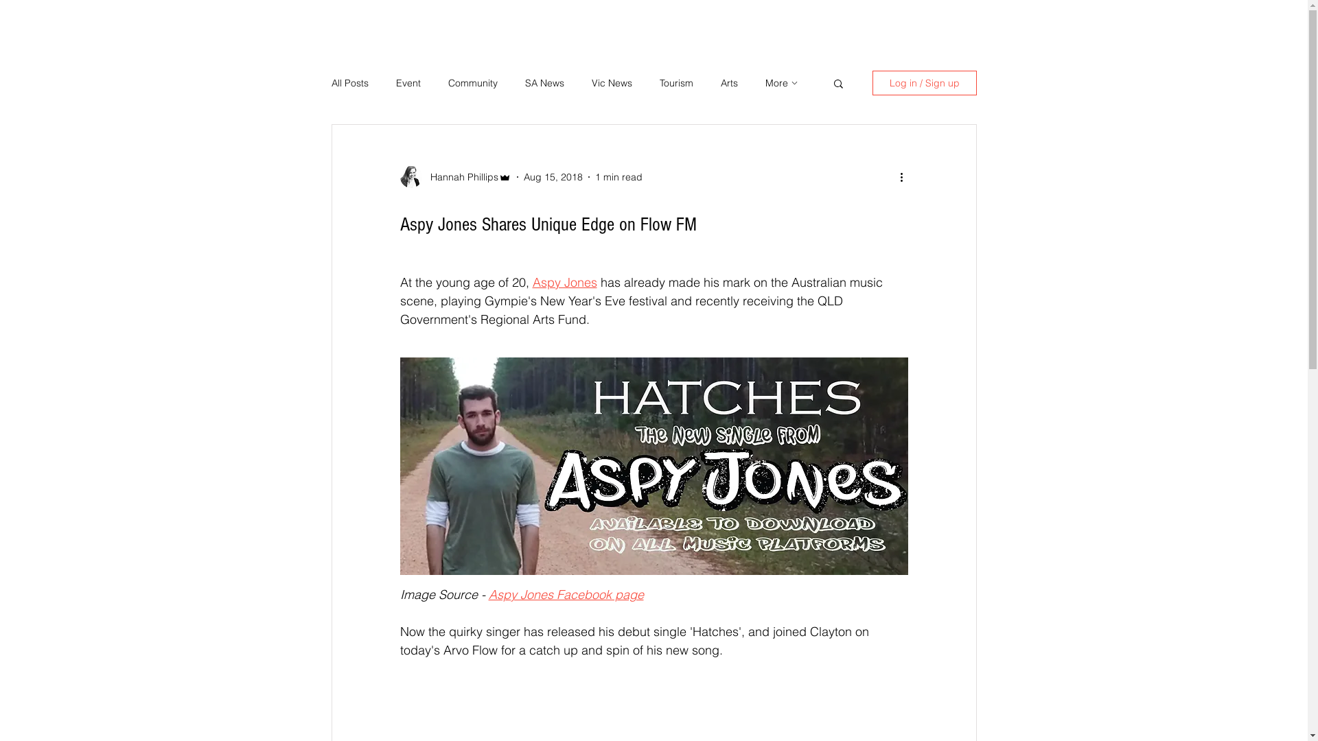 This screenshot has height=741, width=1318. What do you see at coordinates (728, 82) in the screenshot?
I see `'Arts'` at bounding box center [728, 82].